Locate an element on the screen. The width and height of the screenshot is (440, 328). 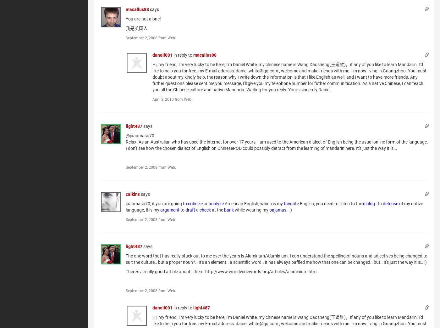
'a' is located at coordinates (197, 210).